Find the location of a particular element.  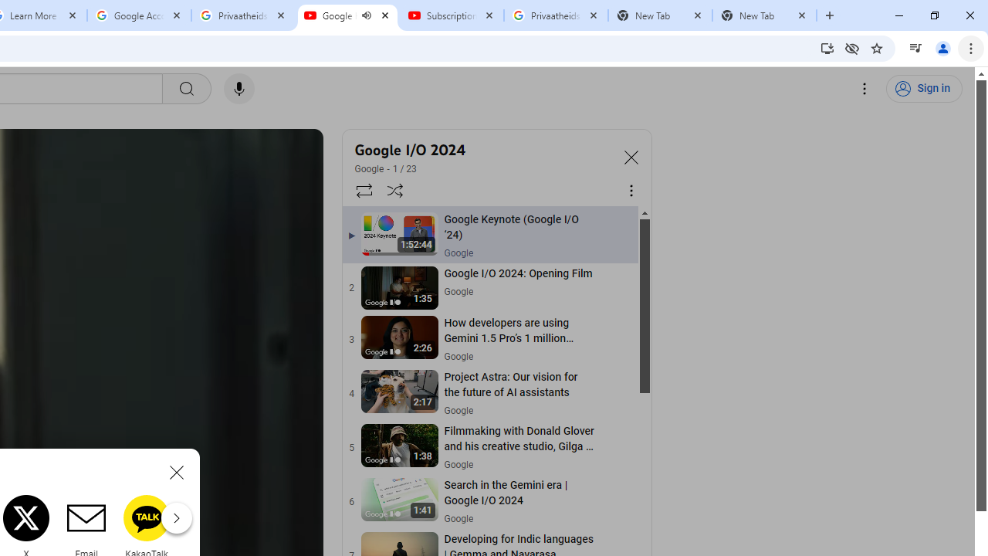

'Cancel' is located at coordinates (177, 471).